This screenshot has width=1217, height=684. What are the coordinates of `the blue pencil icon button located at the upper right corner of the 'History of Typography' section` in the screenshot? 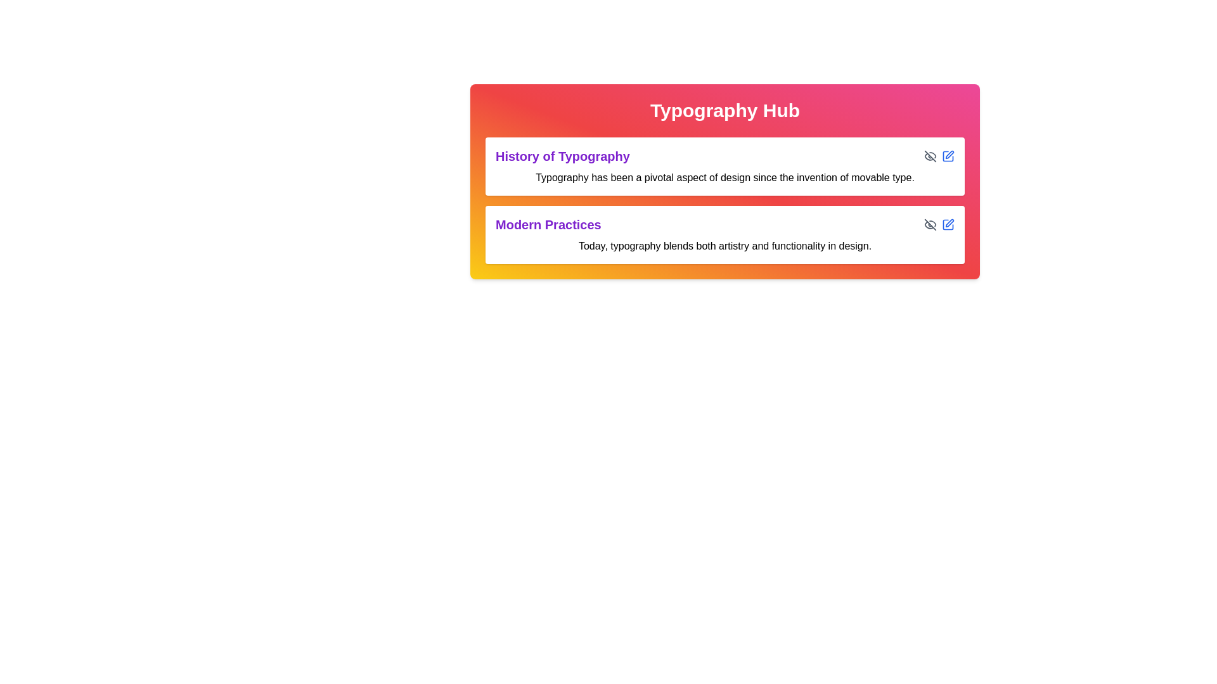 It's located at (948, 155).